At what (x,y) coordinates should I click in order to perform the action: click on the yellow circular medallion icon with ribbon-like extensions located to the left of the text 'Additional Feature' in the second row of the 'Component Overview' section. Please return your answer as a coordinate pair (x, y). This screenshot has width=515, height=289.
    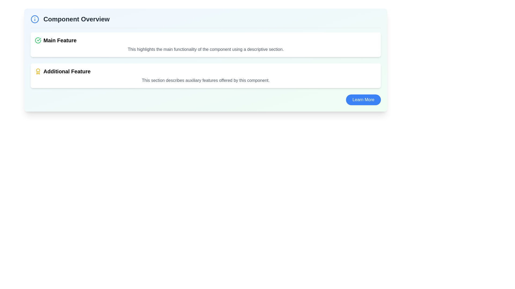
    Looking at the image, I should click on (38, 71).